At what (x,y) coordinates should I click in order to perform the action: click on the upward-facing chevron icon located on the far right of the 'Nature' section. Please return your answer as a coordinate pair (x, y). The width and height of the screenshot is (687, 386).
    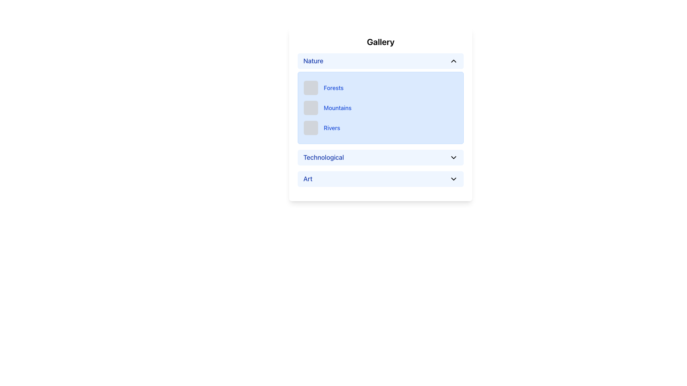
    Looking at the image, I should click on (453, 60).